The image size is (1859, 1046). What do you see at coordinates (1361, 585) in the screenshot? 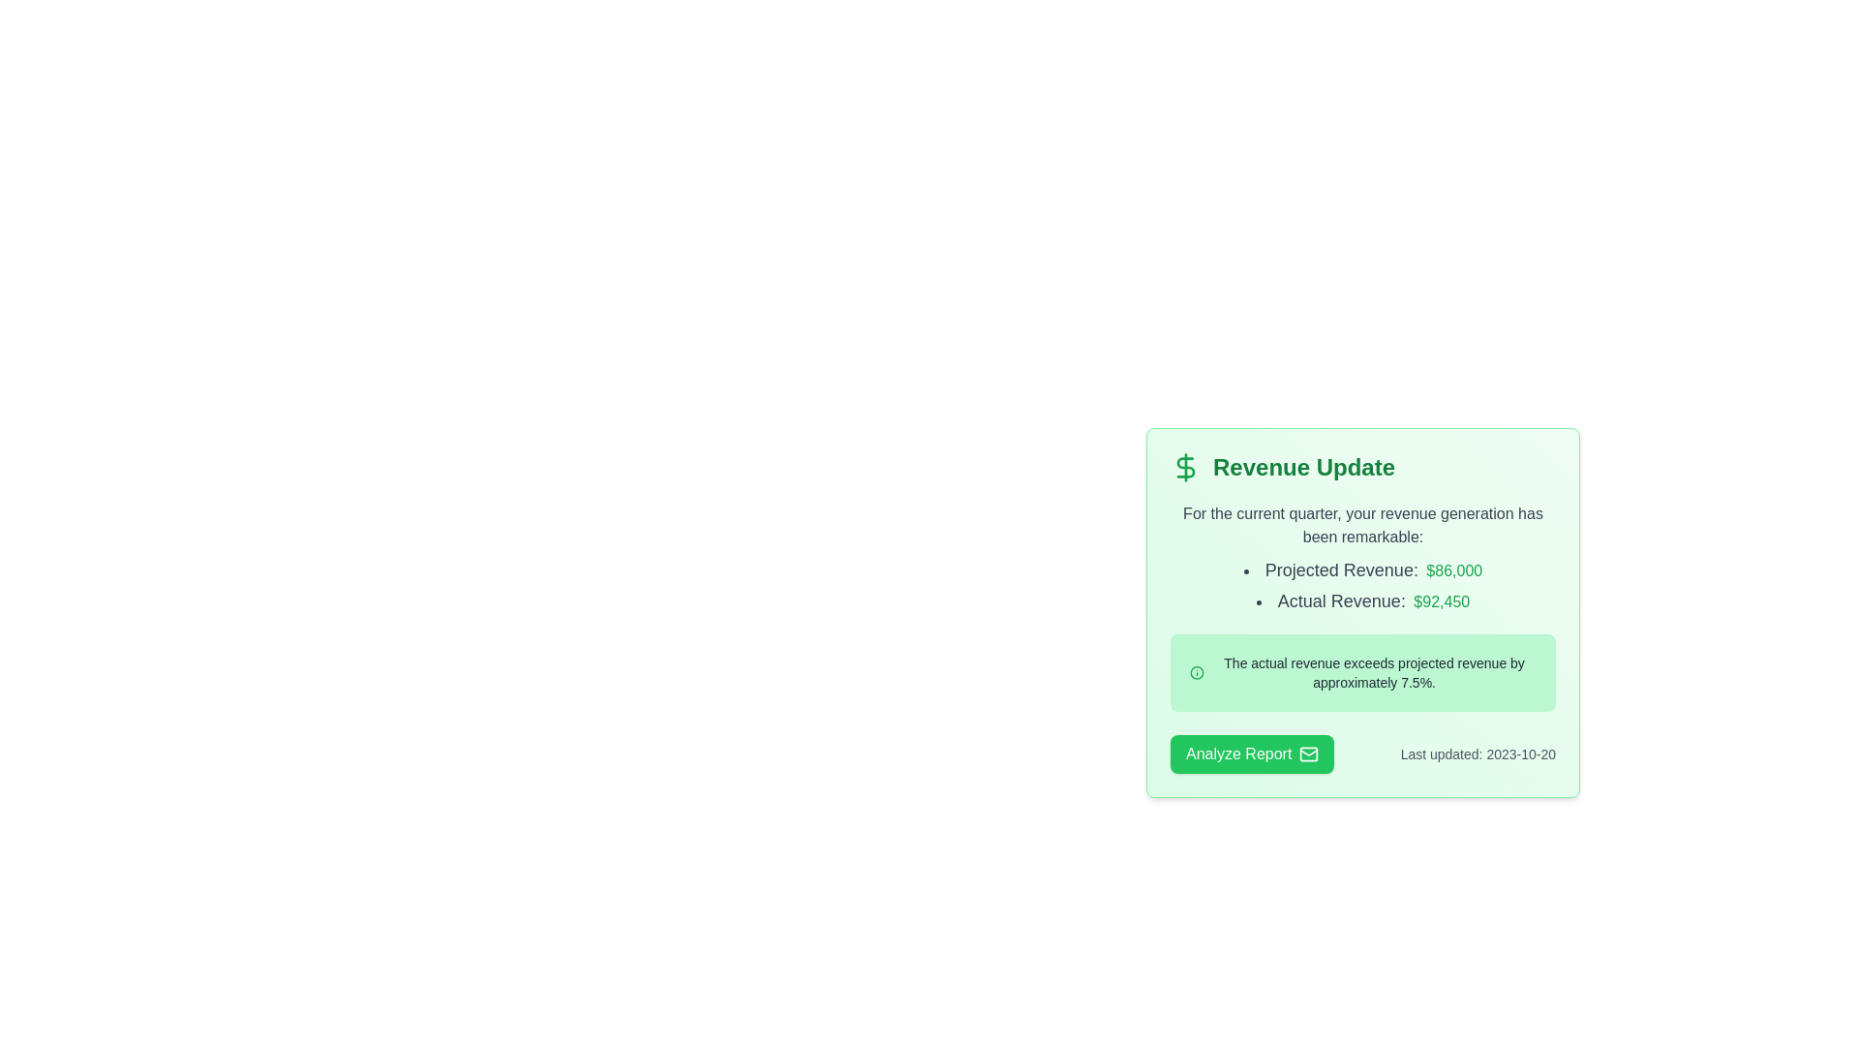
I see `information displayed in the 'Revenue Update' section, specifically focusing on the 'Projected Revenue' and 'Actual Revenue' metrics` at bounding box center [1361, 585].